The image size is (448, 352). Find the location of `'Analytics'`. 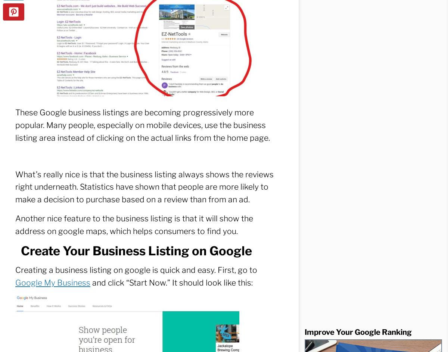

'Analytics' is located at coordinates (74, 271).